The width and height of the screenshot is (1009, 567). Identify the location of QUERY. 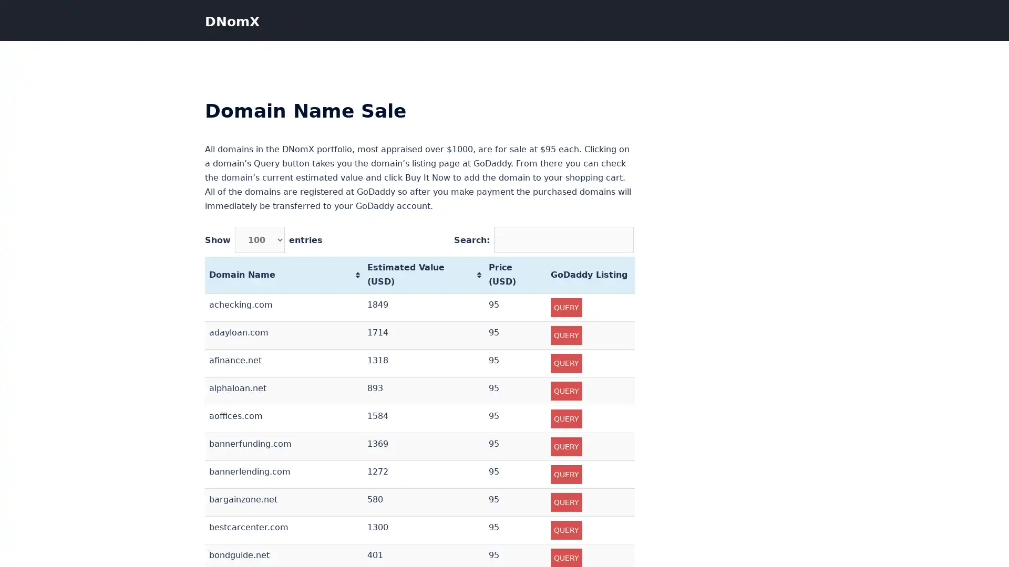
(565, 530).